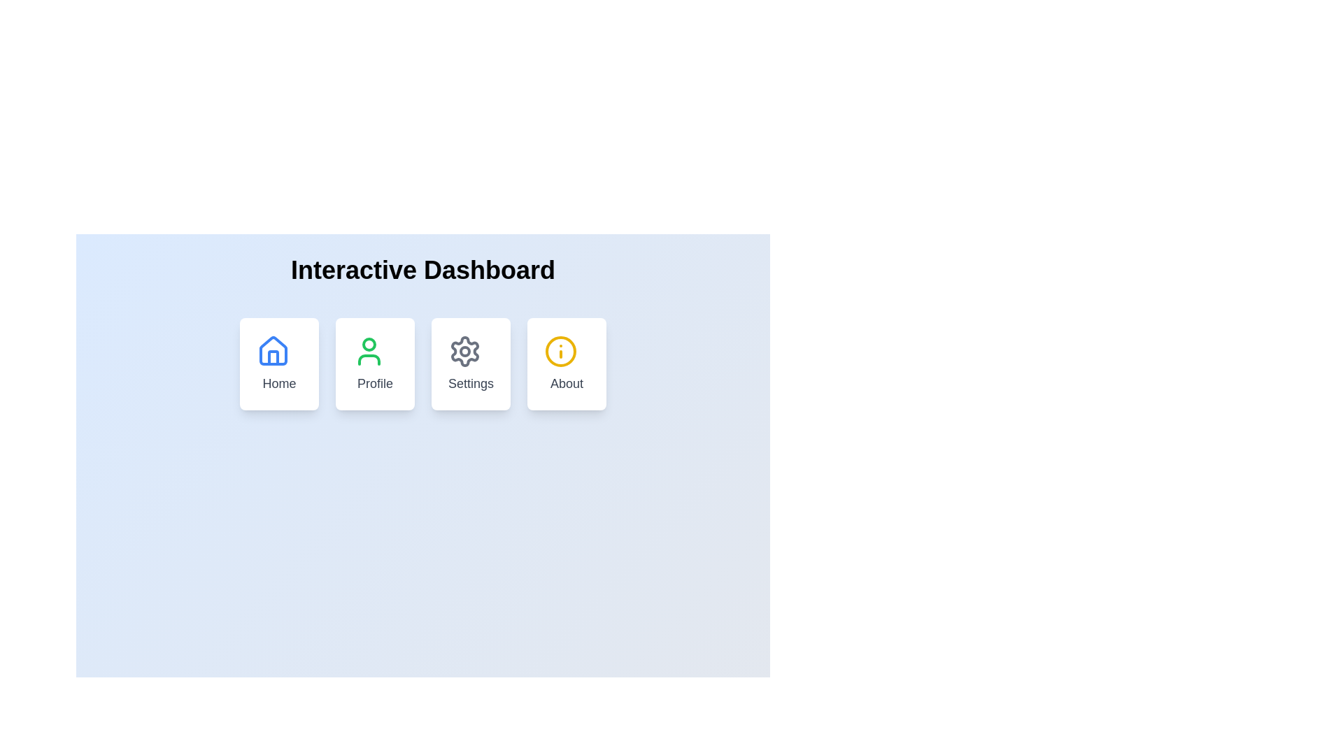  I want to click on the 'About' button located at the far right of the button grid in the 'Interactive Dashboard' section to trigger a visual effect, so click(567, 363).